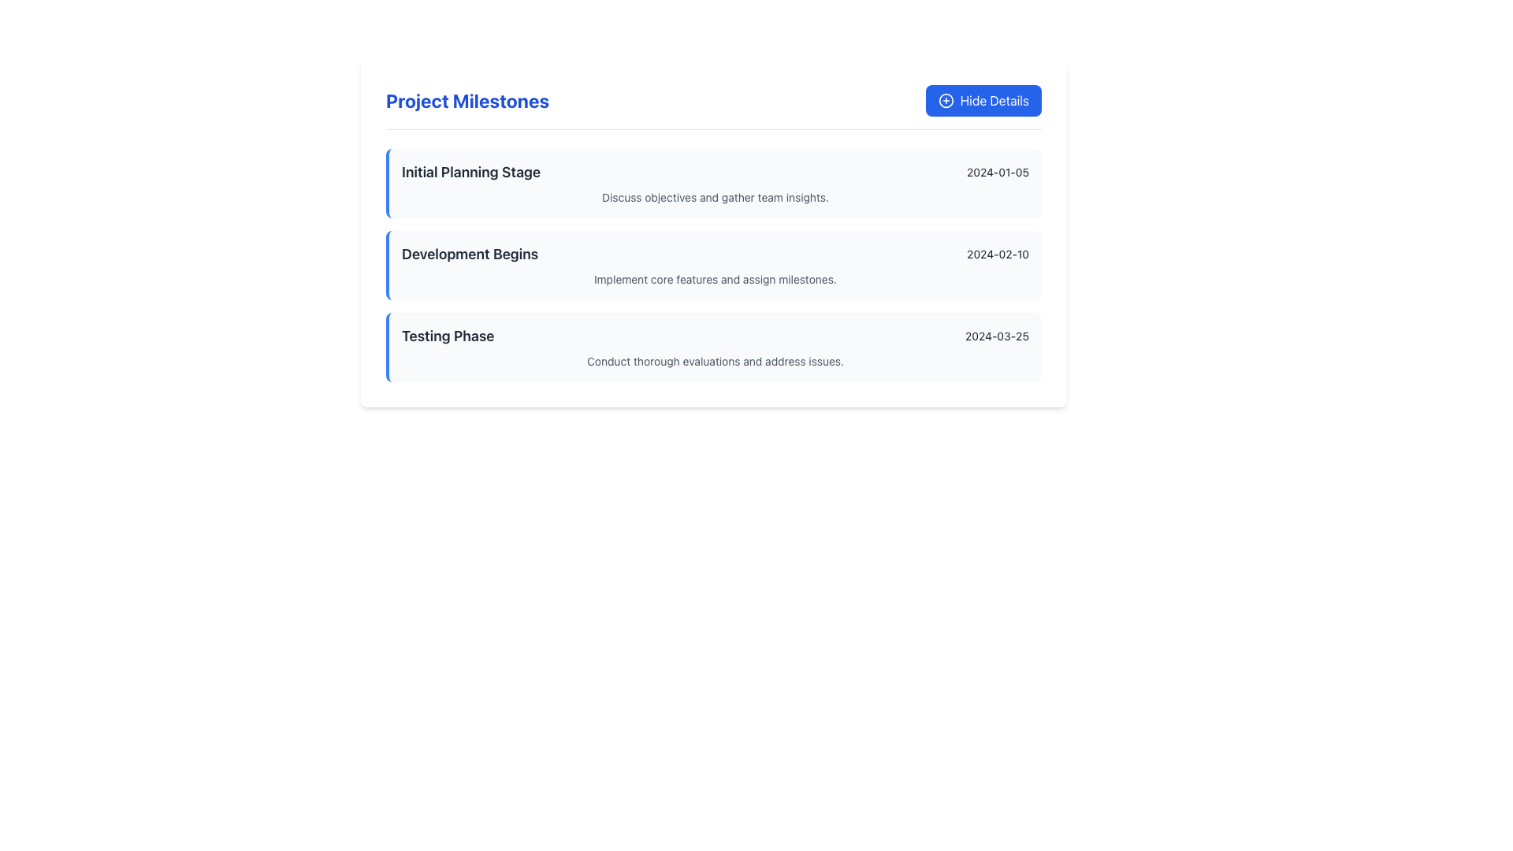  I want to click on the text label that serves as the header or title for the content, located above the 'Hide Details' button, so click(467, 100).